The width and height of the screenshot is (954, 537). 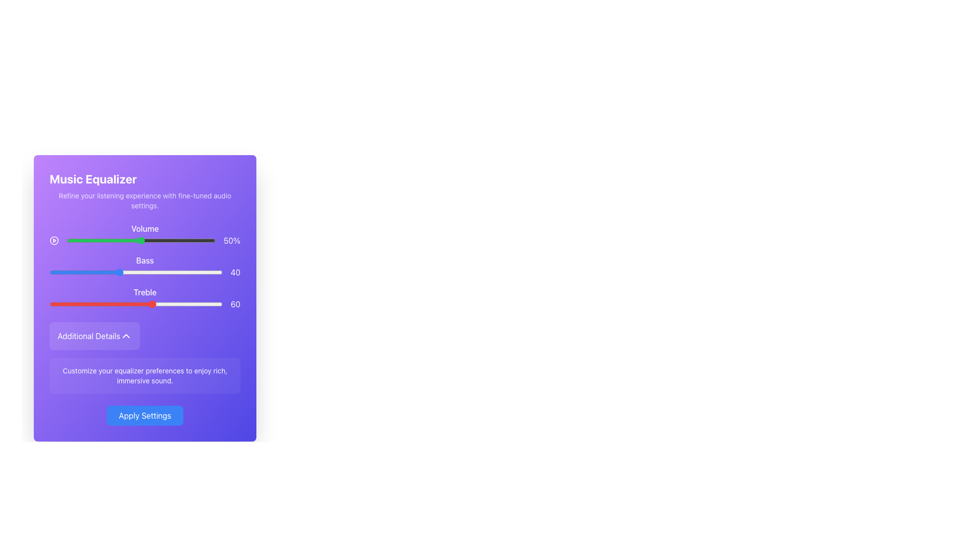 What do you see at coordinates (112, 304) in the screenshot?
I see `the treble` at bounding box center [112, 304].